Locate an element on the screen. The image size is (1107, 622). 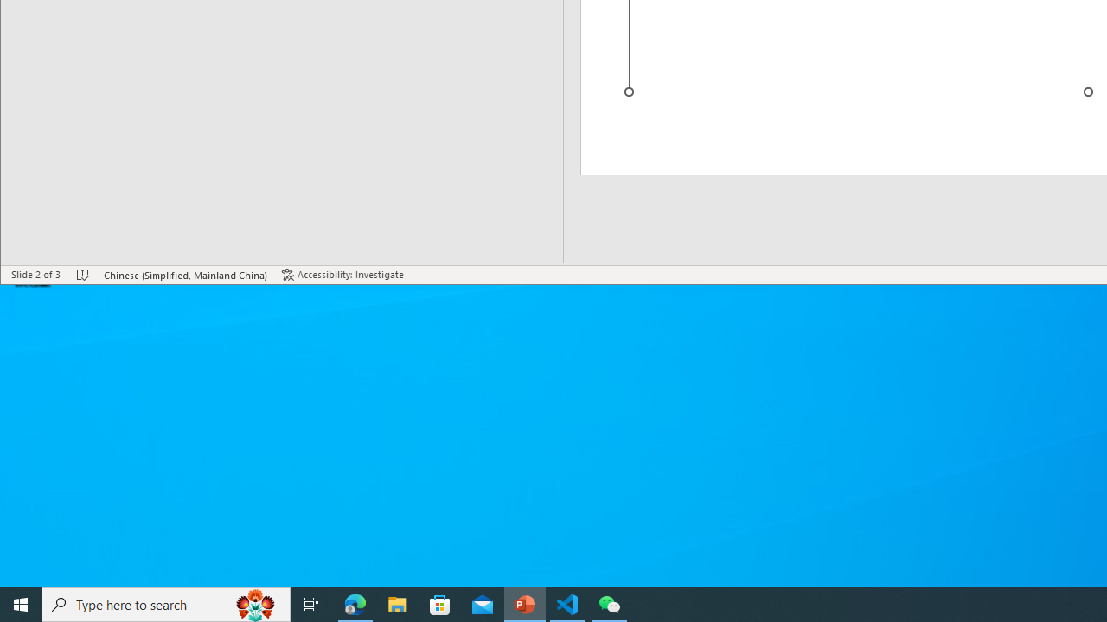
'WeChat - 1 running window' is located at coordinates (610, 603).